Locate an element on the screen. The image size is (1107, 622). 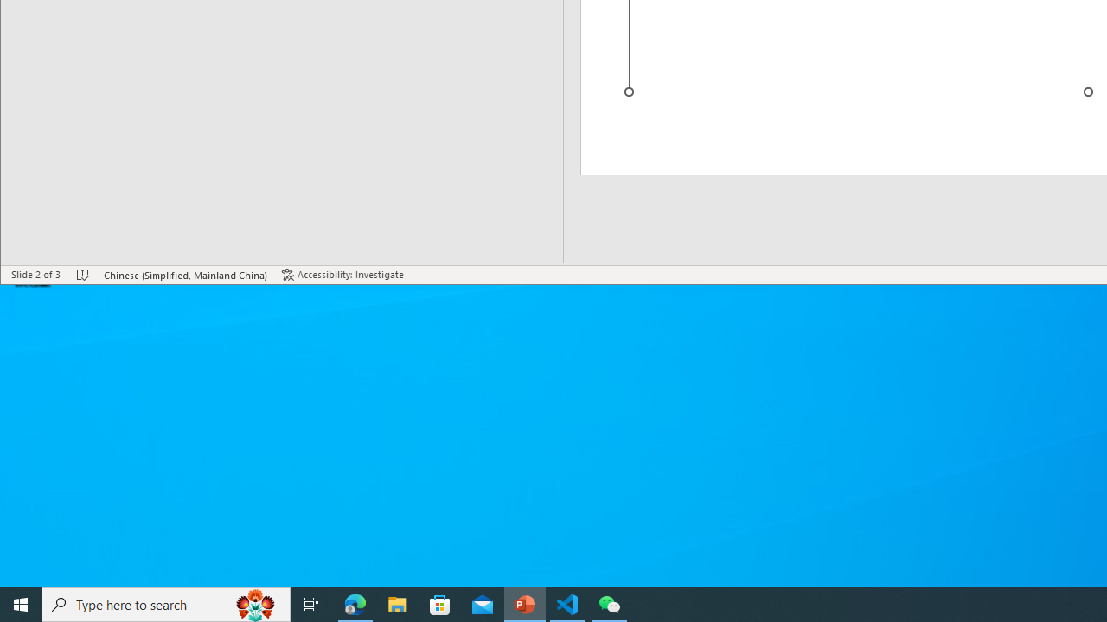
'WeChat - 1 running window' is located at coordinates (610, 603).